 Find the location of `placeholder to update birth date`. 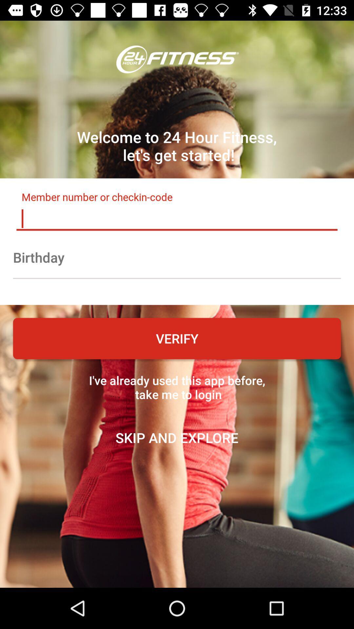

placeholder to update birth date is located at coordinates (177, 257).